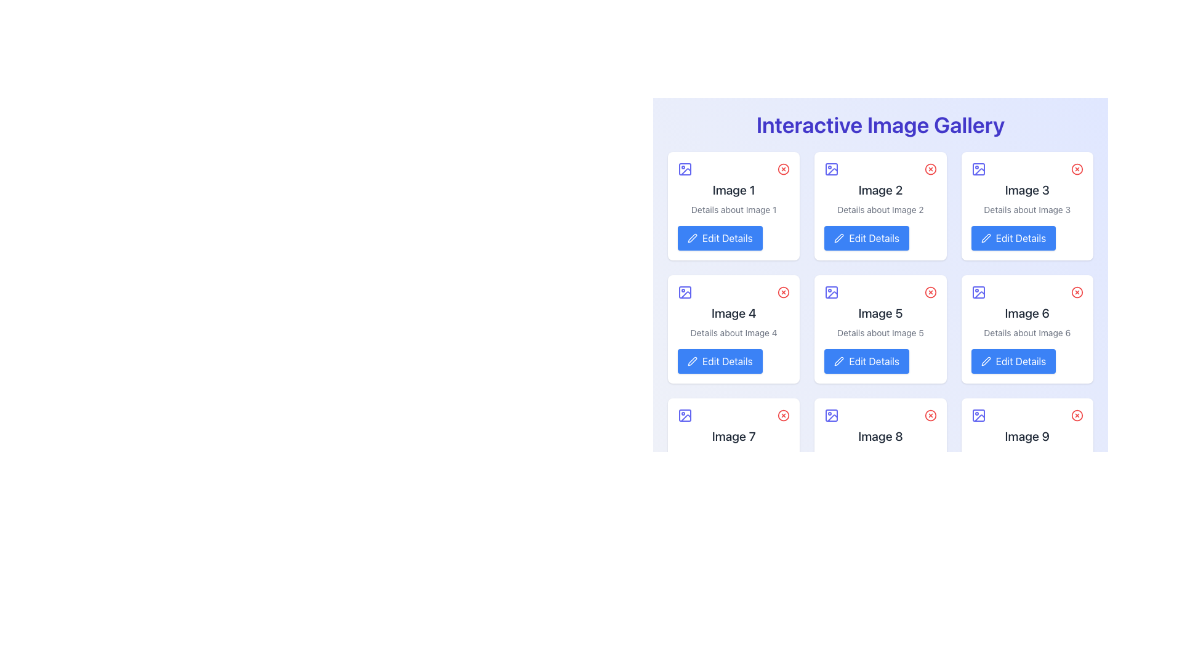 This screenshot has width=1182, height=665. I want to click on the image icon with a square outline and circular indicator located at the top-left corner of the card labeled 'Image 8' in the third row of the gallery grid, so click(832, 416).